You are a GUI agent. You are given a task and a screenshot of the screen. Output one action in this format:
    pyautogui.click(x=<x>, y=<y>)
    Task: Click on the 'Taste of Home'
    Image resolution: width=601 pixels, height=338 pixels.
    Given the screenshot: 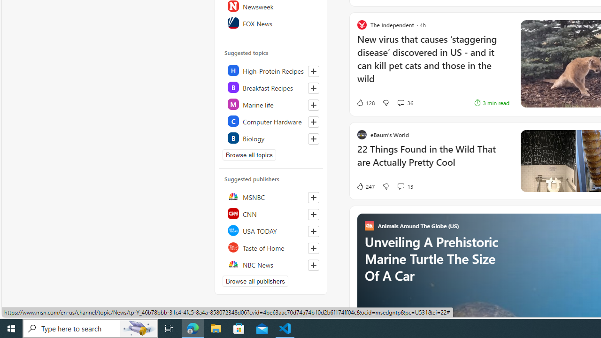 What is the action you would take?
    pyautogui.click(x=271, y=247)
    